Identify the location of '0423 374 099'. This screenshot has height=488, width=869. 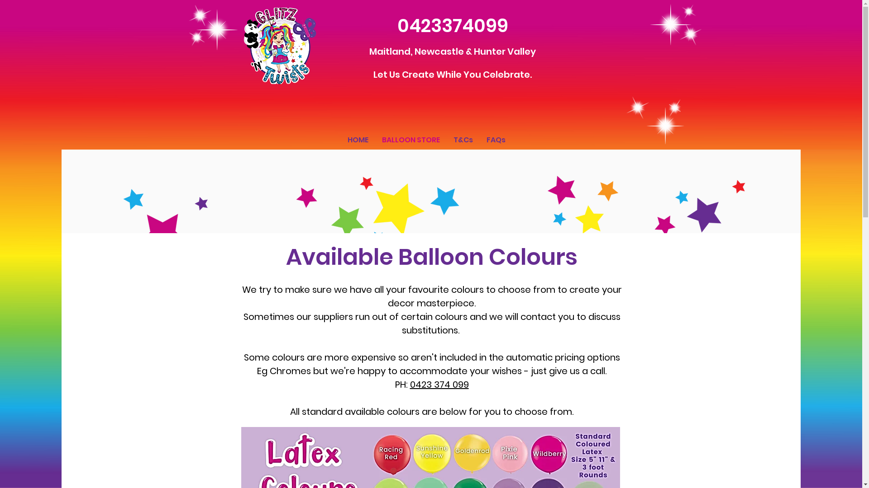
(439, 385).